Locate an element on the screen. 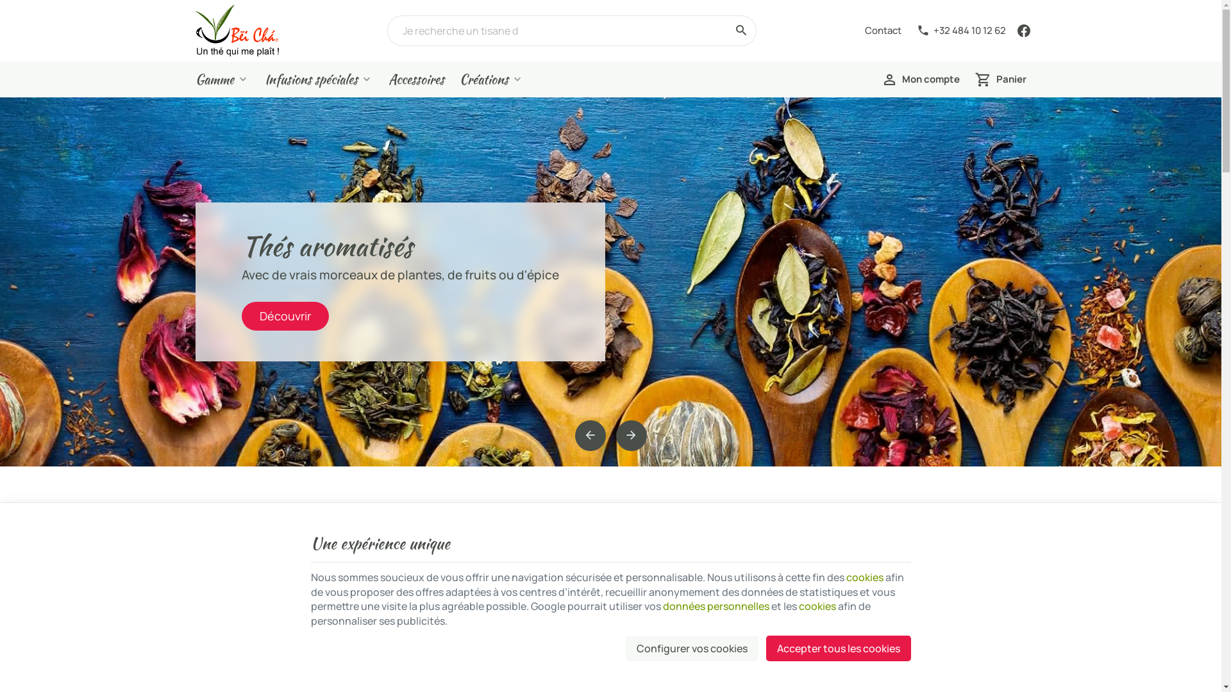 Image resolution: width=1231 pixels, height=692 pixels. 'Gamme' is located at coordinates (221, 79).